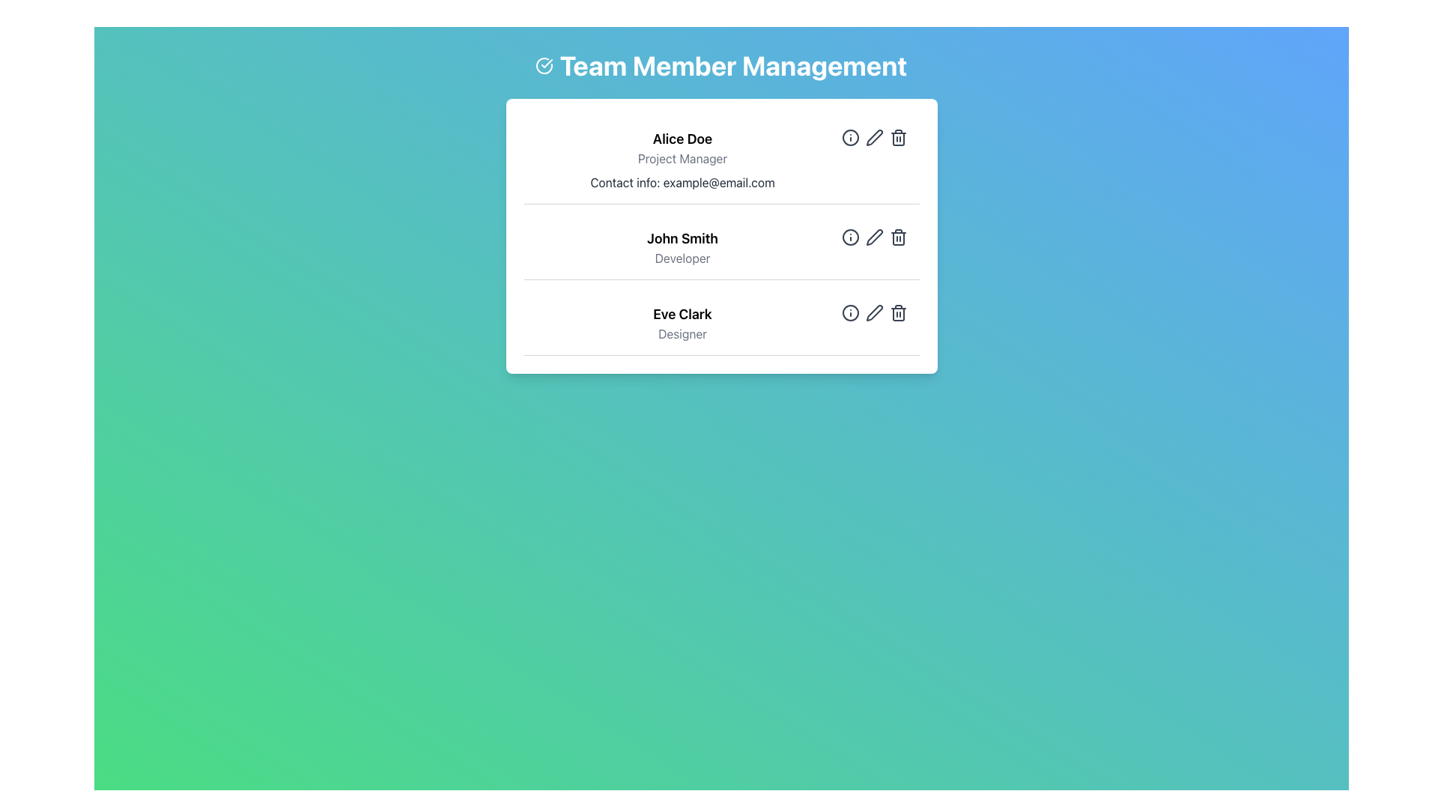  What do you see at coordinates (721, 65) in the screenshot?
I see `the Header with icon element reading 'Team Member Management', which features a checkmark icon and is styled in large, bold, white font on a gradient background` at bounding box center [721, 65].